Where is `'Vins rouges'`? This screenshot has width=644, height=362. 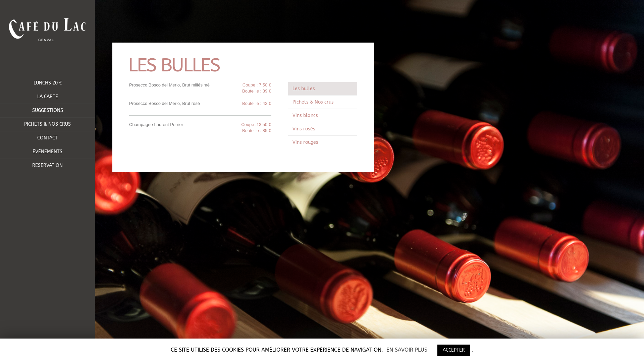 'Vins rouges' is located at coordinates (288, 142).